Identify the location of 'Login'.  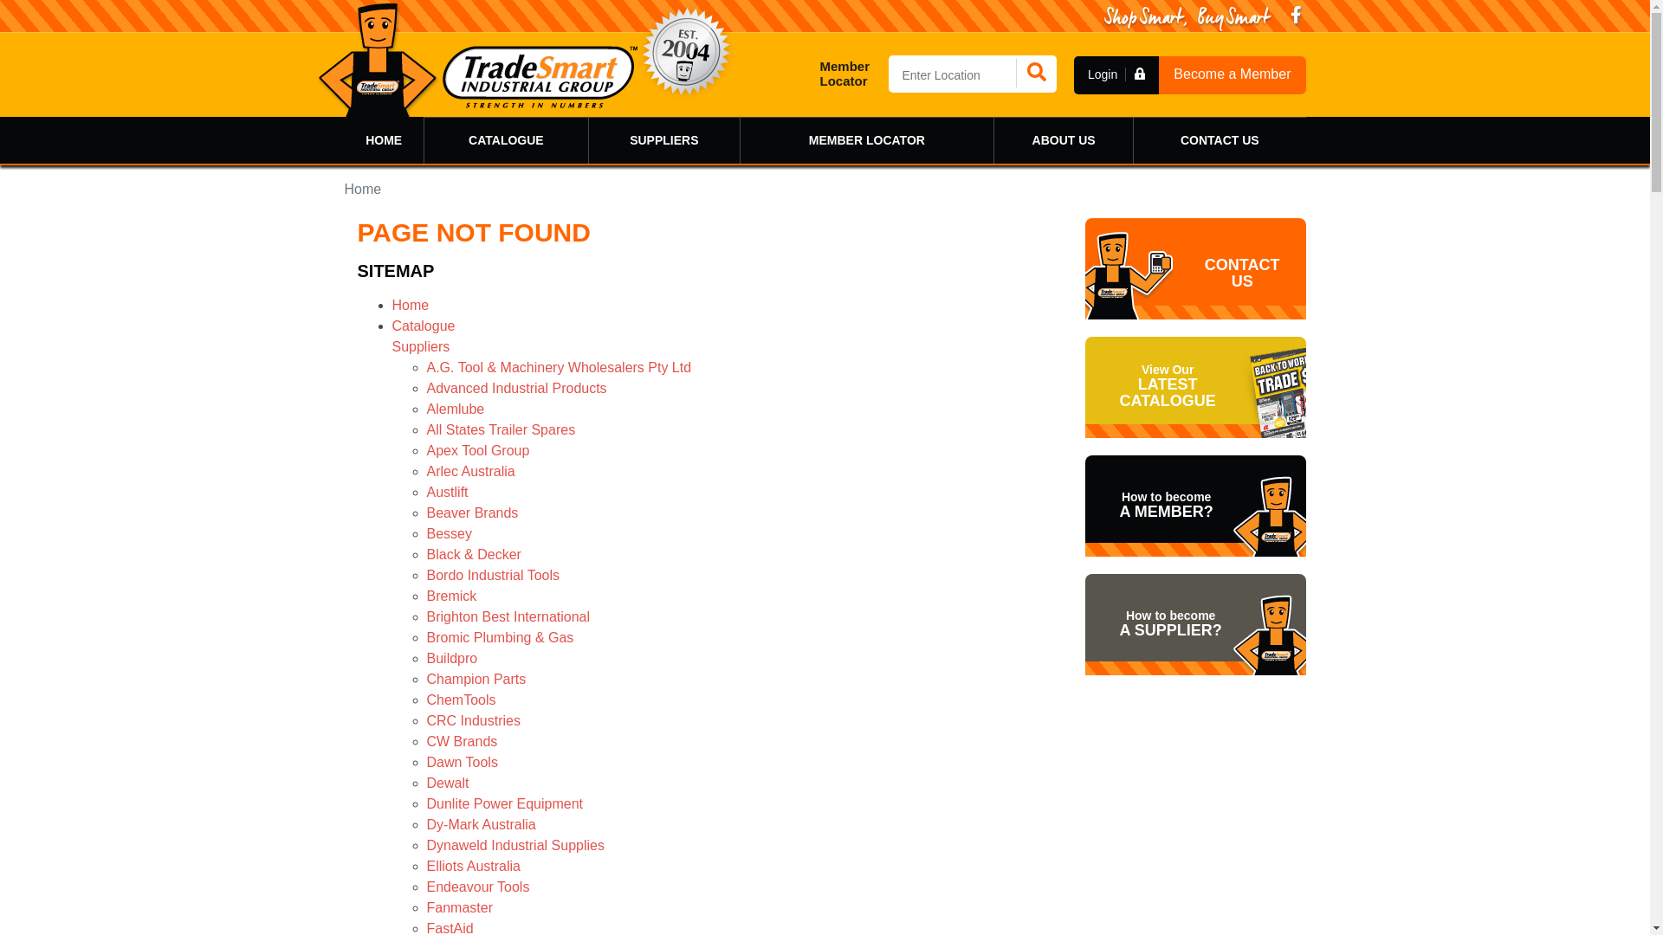
(1116, 73).